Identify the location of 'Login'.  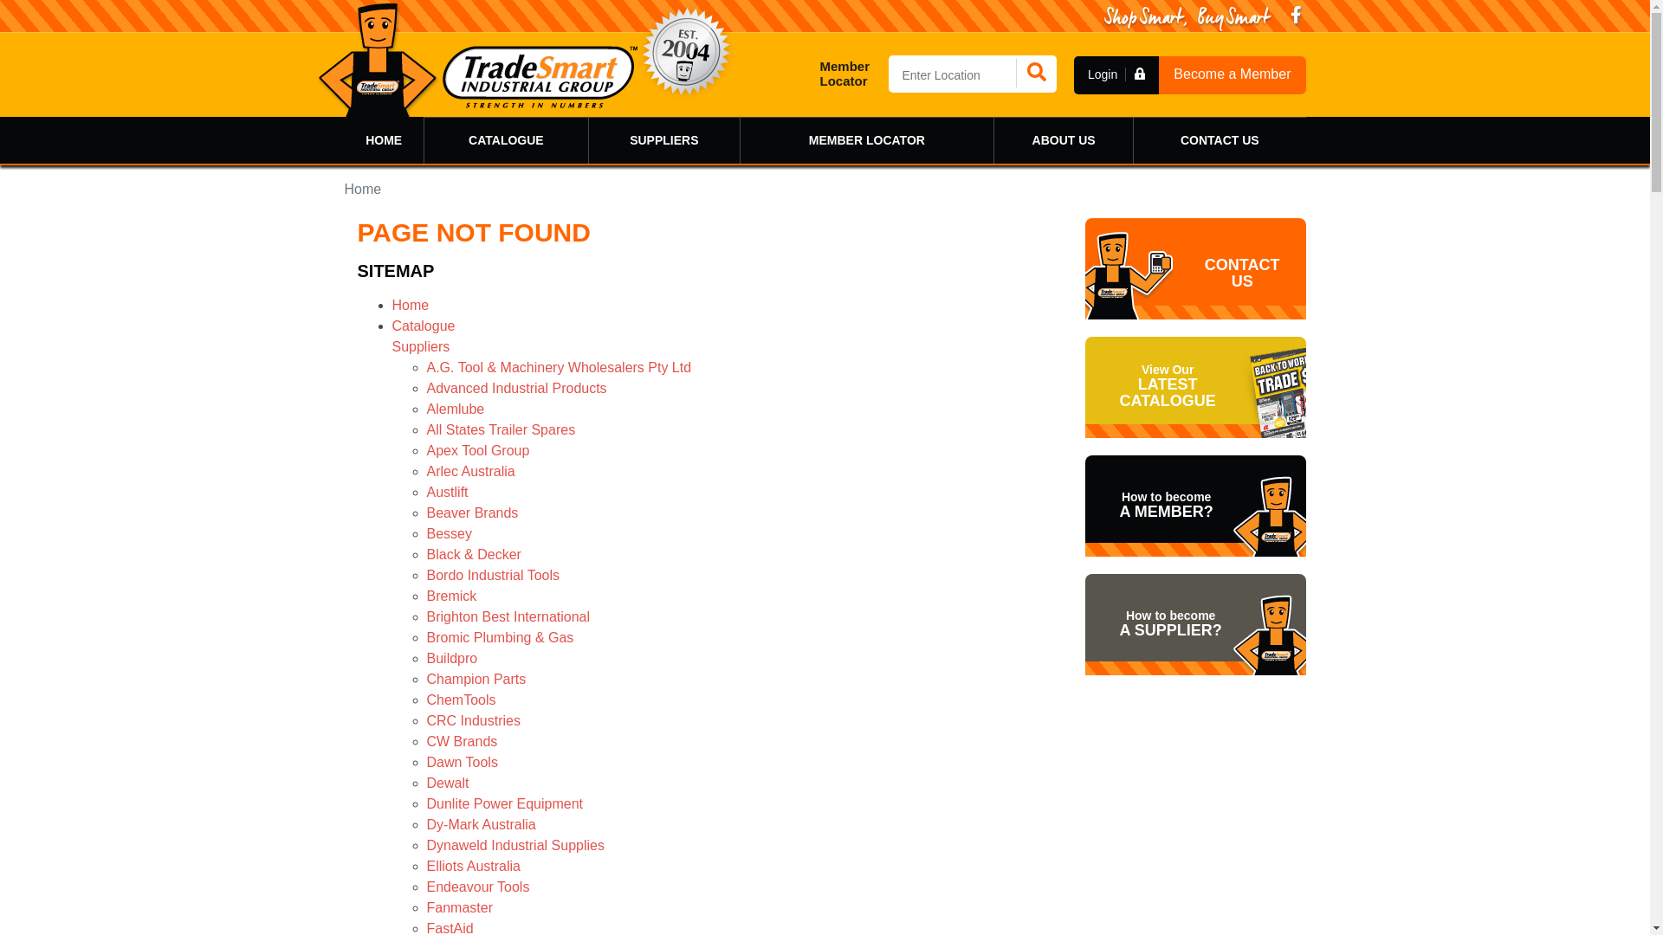
(1116, 73).